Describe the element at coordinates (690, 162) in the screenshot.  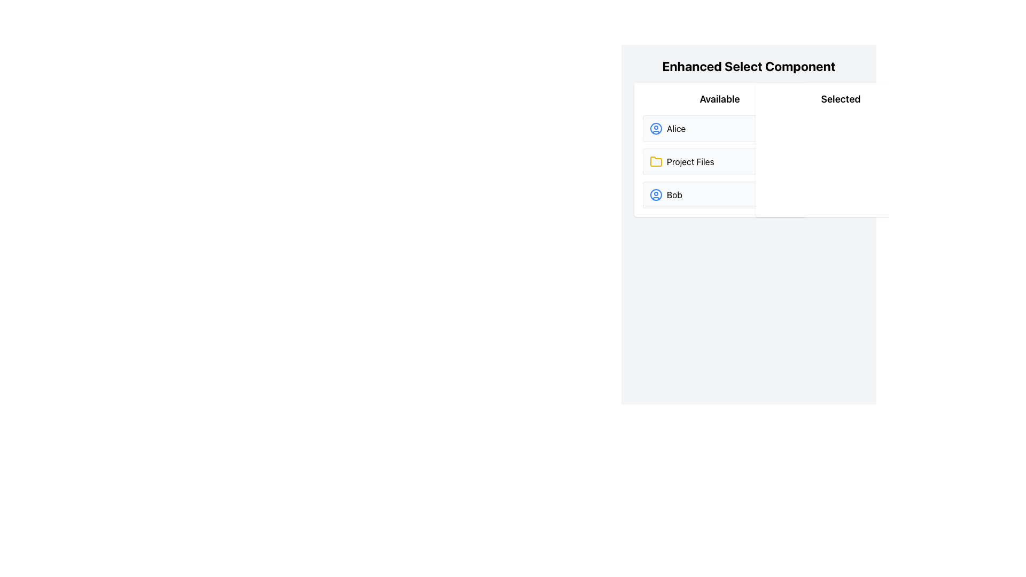
I see `the second item` at that location.